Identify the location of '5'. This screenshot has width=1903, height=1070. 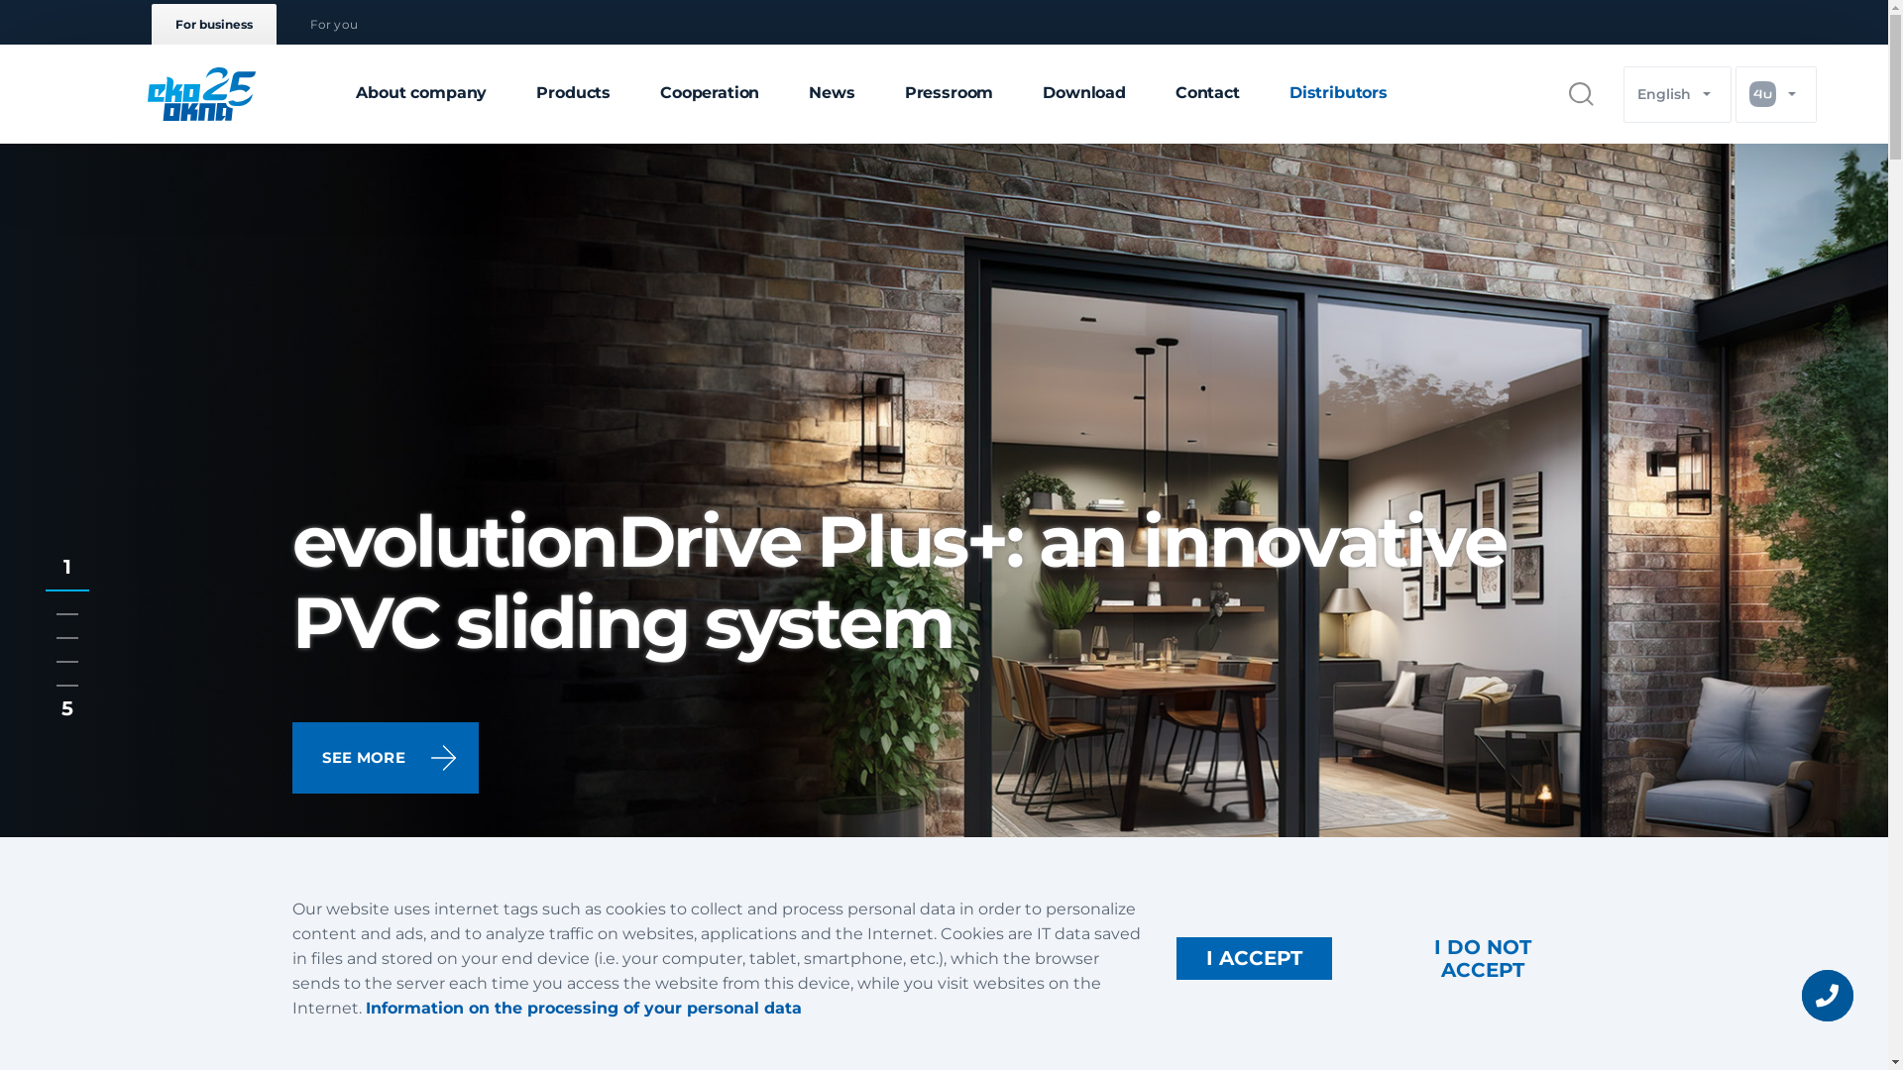
(66, 683).